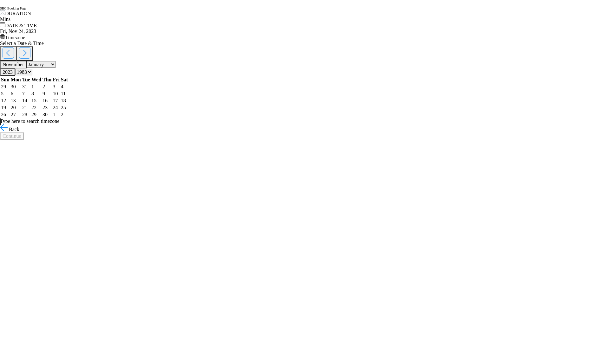  I want to click on 'Continue', so click(0, 136).